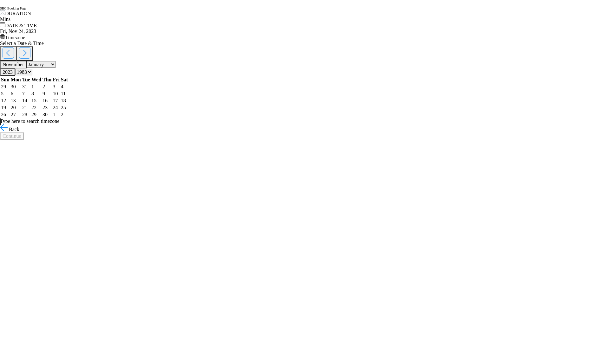  I want to click on 'Continue', so click(0, 136).